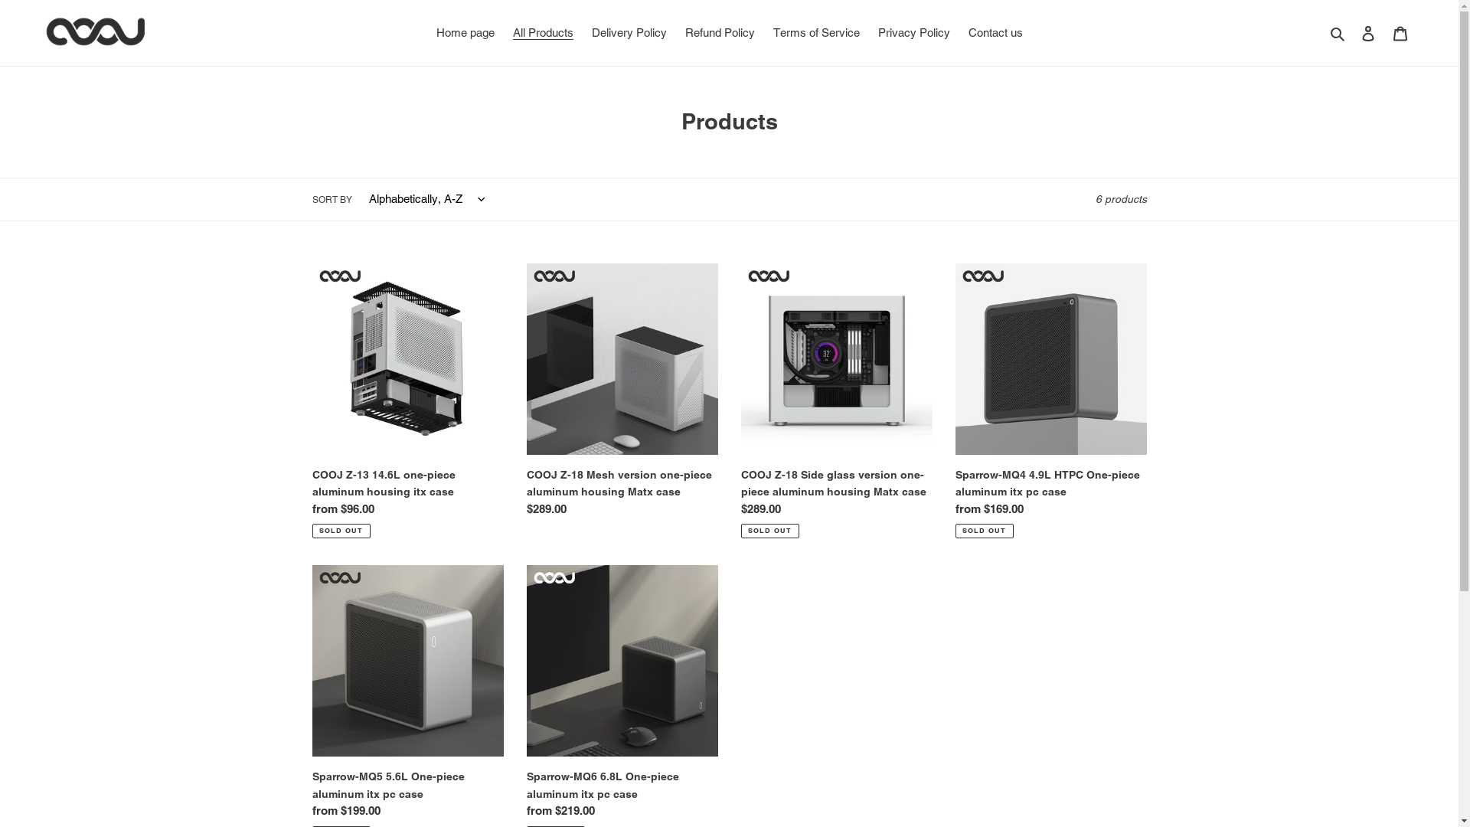 Image resolution: width=1470 pixels, height=827 pixels. What do you see at coordinates (913, 33) in the screenshot?
I see `'Privacy Policy'` at bounding box center [913, 33].